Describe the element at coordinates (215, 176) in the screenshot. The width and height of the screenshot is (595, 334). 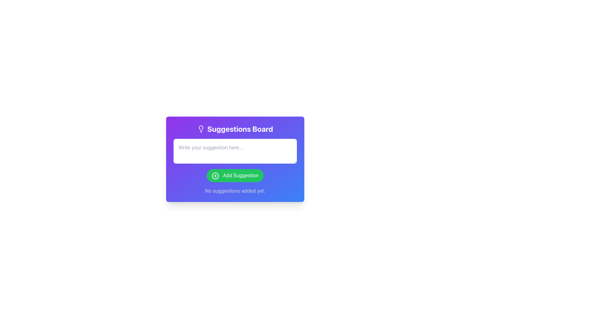
I see `the SVG graphical element that is part of the 'Add Suggestion' button` at that location.